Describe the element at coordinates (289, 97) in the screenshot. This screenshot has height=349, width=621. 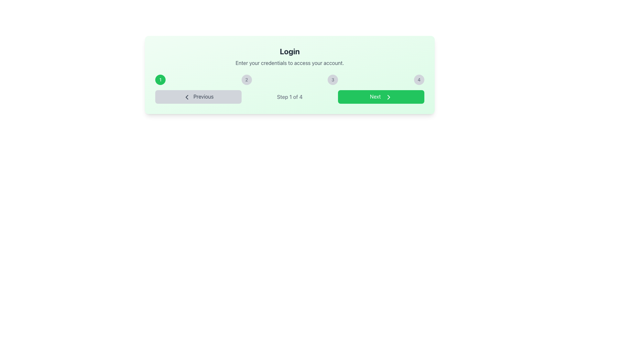
I see `the Text Label that displays the current progress in the multi-step process, located centrally in the navigation bar between the 'Previous' and 'Next' buttons` at that location.